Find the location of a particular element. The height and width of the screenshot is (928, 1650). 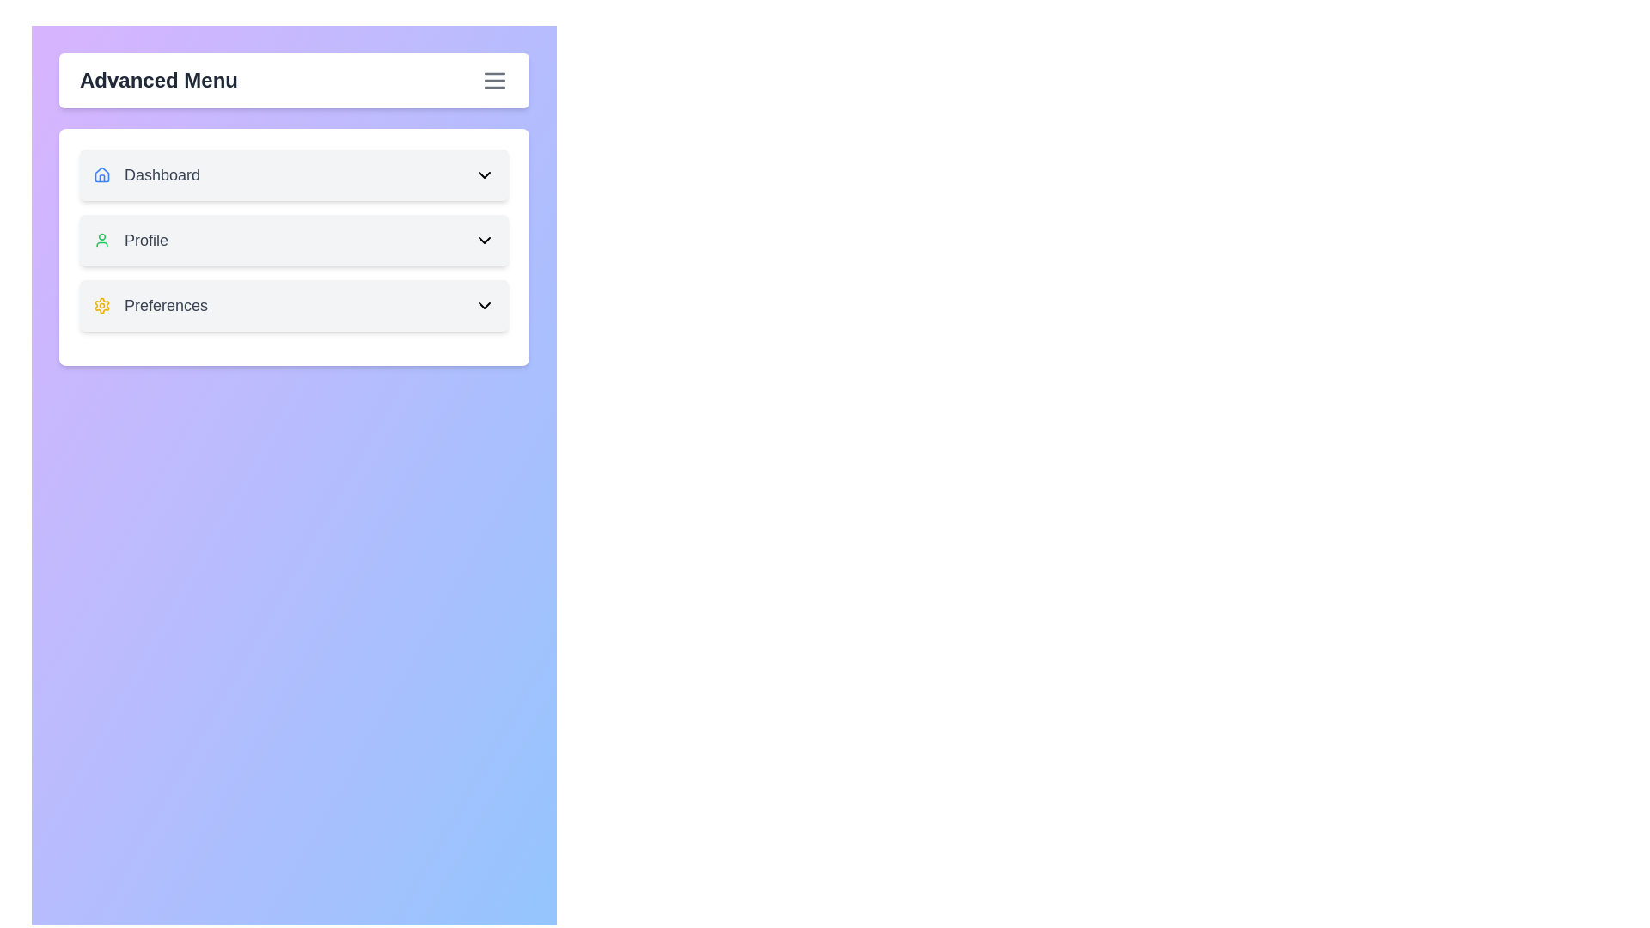

the Dropdown indicator (chevron icon) located at the top-right corner of the 'Preferences' section is located at coordinates (484, 304).